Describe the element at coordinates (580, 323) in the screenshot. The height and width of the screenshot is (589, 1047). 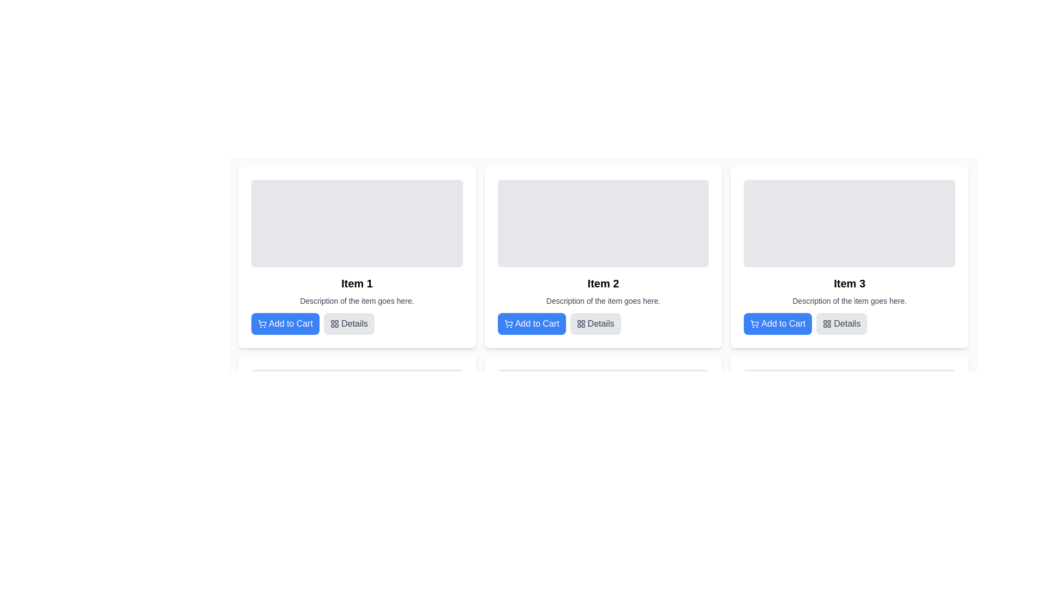
I see `the 'Details' button icon associated with 'Item 2', located in the second column of the grid, positioned to the left of the text label 'Details'` at that location.